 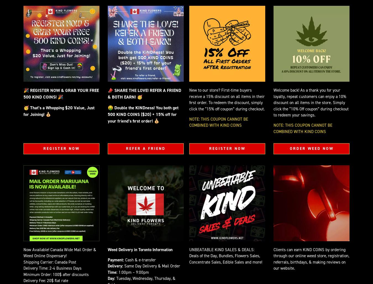 I want to click on 'UNBEATABLE KIND SALES & DEALS:', so click(x=222, y=249).